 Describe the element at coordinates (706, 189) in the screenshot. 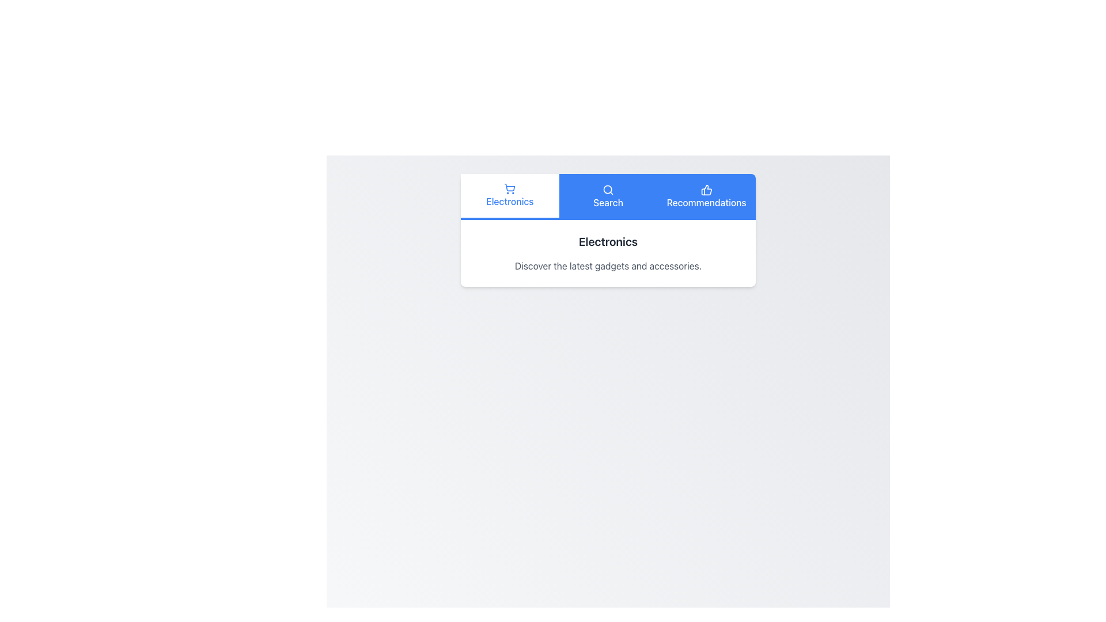

I see `the thumbs-up icon with a blue background located in the 'Recommendations' section of the horizontal navigation bar at the top, positioned above the 'Recommendations' text label` at that location.